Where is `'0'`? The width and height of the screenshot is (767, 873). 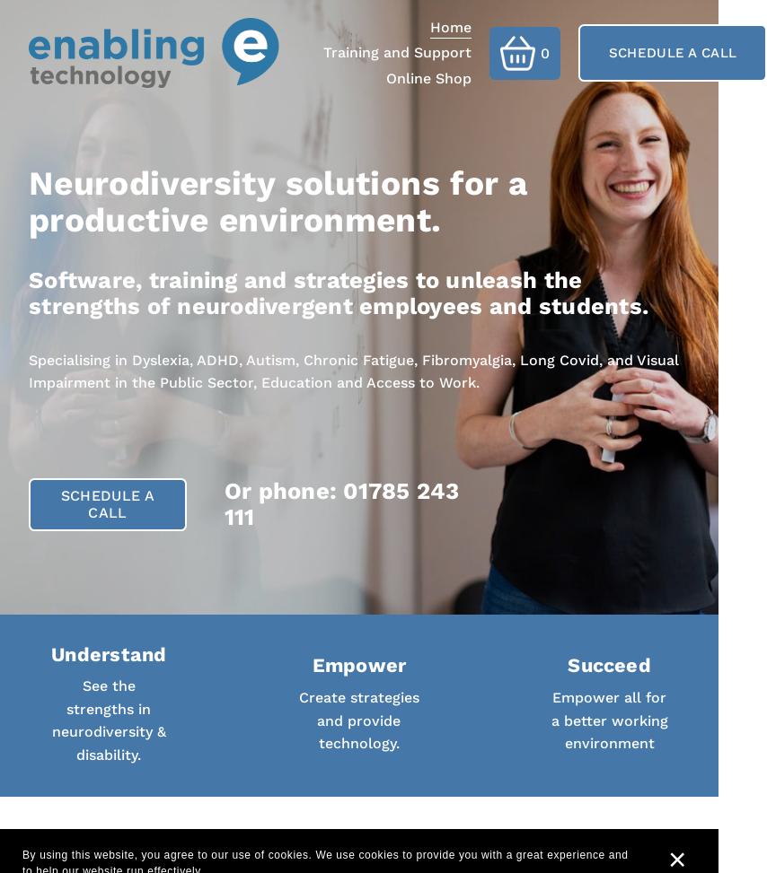
'0' is located at coordinates (543, 52).